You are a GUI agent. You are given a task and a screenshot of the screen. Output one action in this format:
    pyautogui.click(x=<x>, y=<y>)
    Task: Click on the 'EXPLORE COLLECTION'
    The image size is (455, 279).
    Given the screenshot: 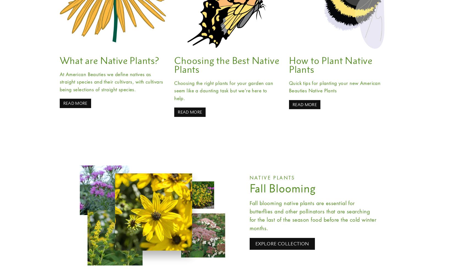 What is the action you would take?
    pyautogui.click(x=282, y=243)
    